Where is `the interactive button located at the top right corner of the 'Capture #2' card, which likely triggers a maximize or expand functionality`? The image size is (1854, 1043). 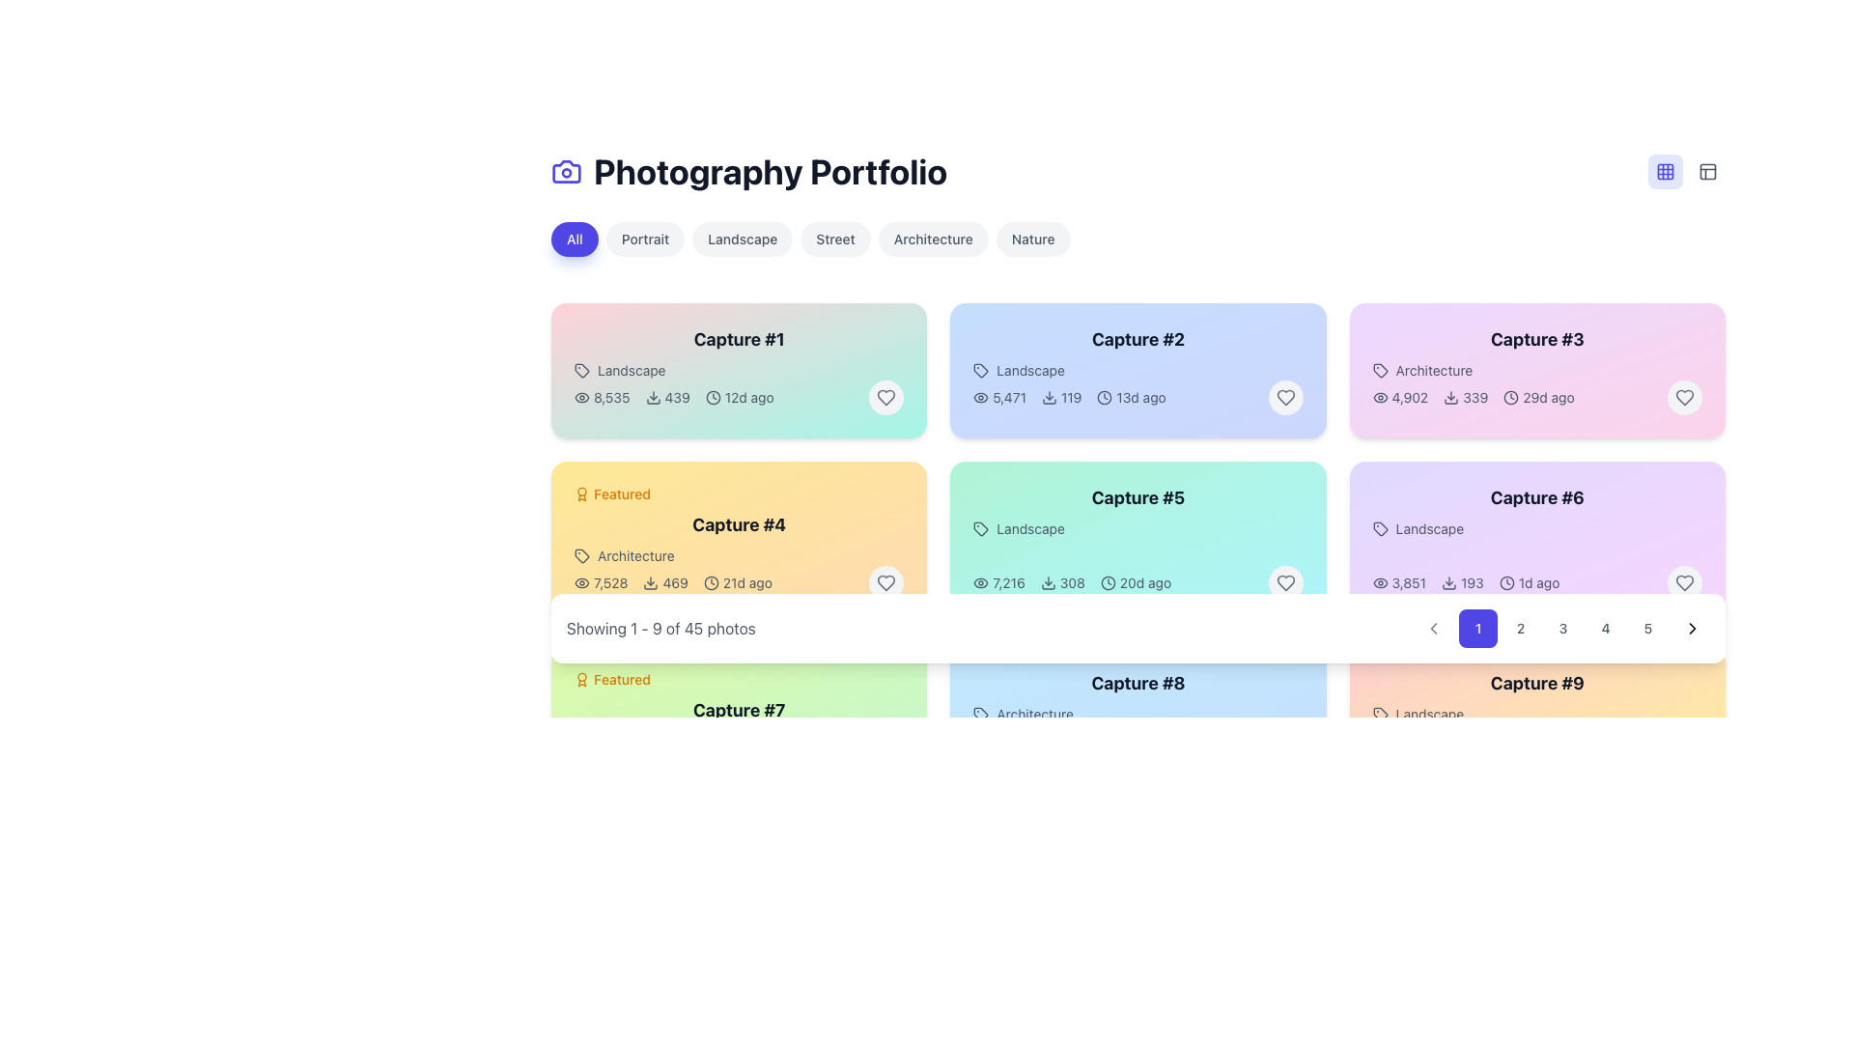
the interactive button located at the top right corner of the 'Capture #2' card, which likely triggers a maximize or expand functionality is located at coordinates (1293, 334).